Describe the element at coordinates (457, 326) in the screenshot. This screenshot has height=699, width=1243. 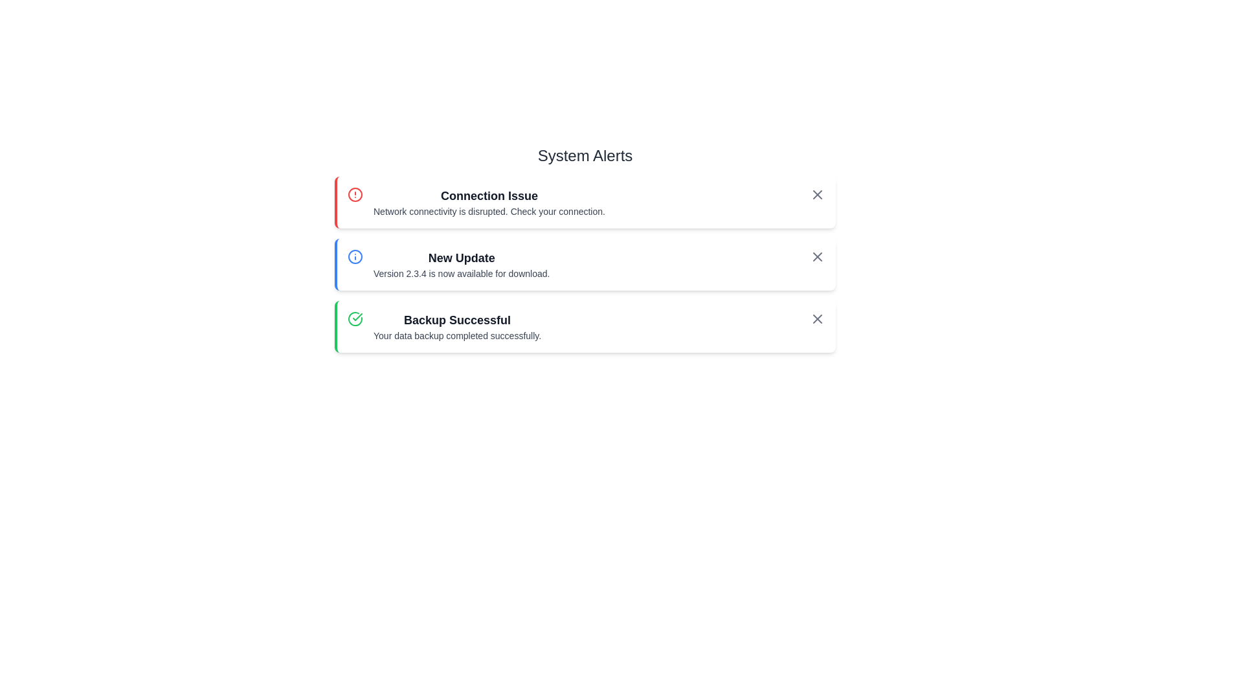
I see `the success notification text block that indicates a completed data backup, positioned in the bottom alert box, horizontally centered and adjacent to a green check icon` at that location.